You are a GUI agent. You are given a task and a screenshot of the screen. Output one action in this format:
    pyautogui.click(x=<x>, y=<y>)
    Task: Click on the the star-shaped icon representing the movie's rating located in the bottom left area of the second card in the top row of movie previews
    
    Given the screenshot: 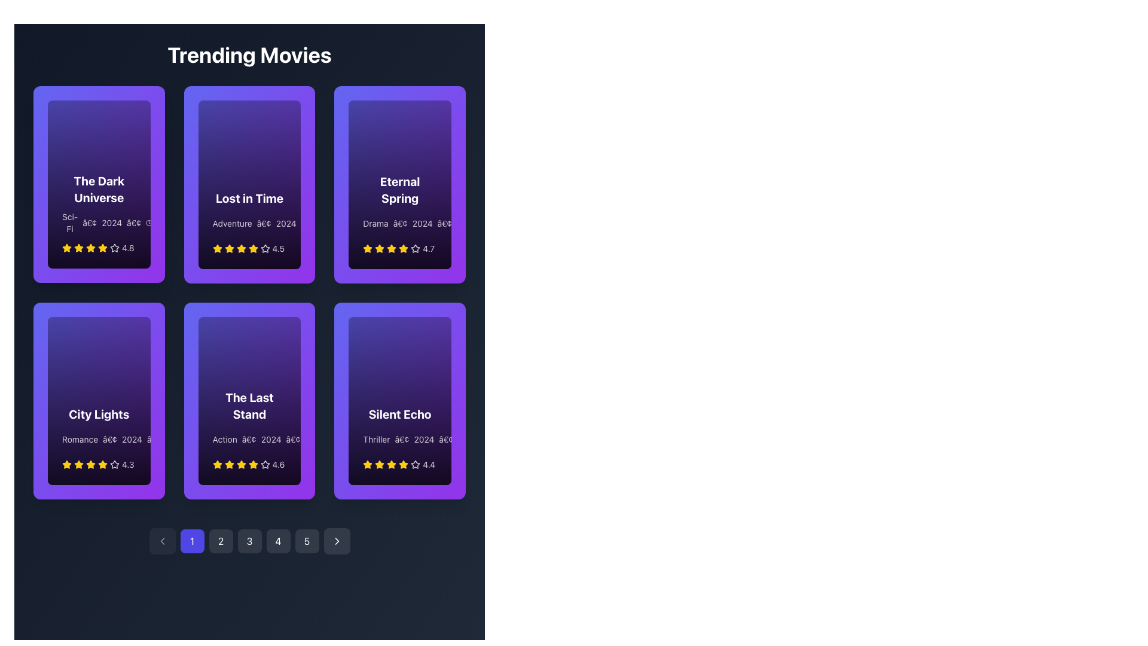 What is the action you would take?
    pyautogui.click(x=217, y=248)
    